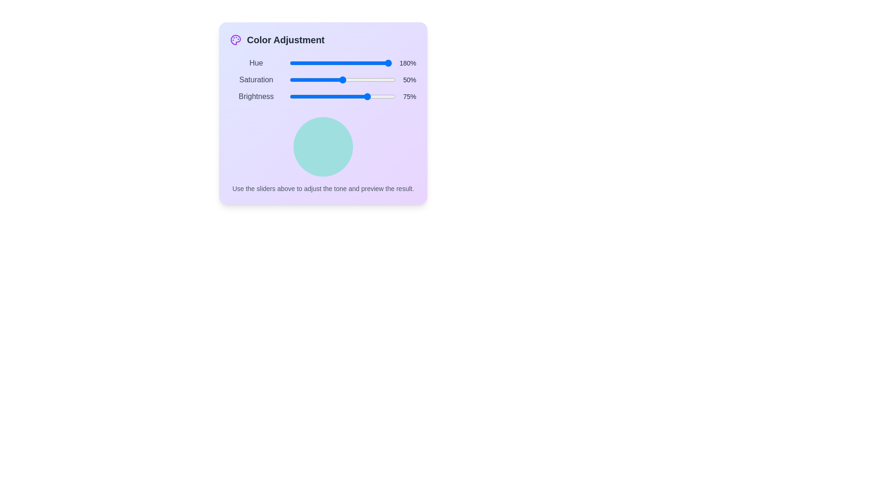  Describe the element at coordinates (378, 63) in the screenshot. I see `the 'Hue' slider to 86%` at that location.